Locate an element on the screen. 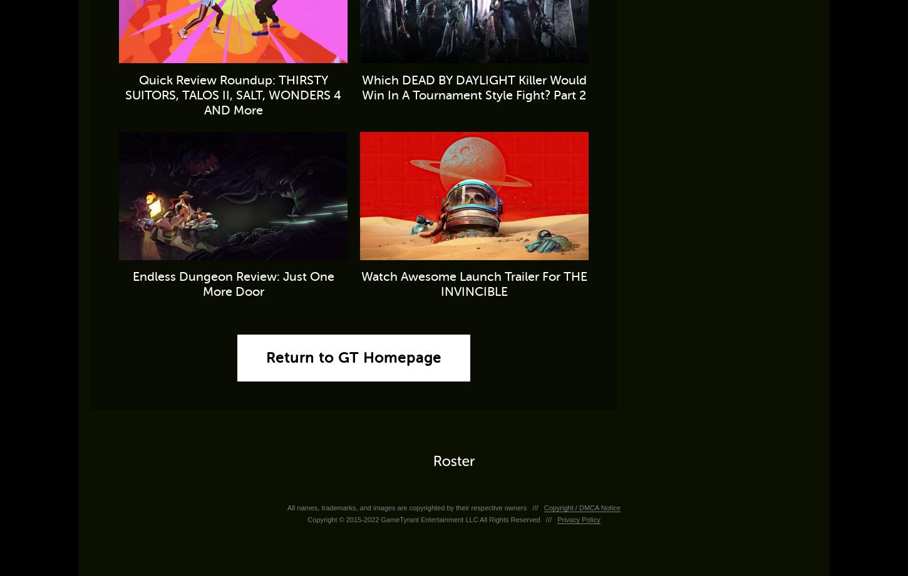  'Copyright / DMCA Notice' is located at coordinates (542, 507).